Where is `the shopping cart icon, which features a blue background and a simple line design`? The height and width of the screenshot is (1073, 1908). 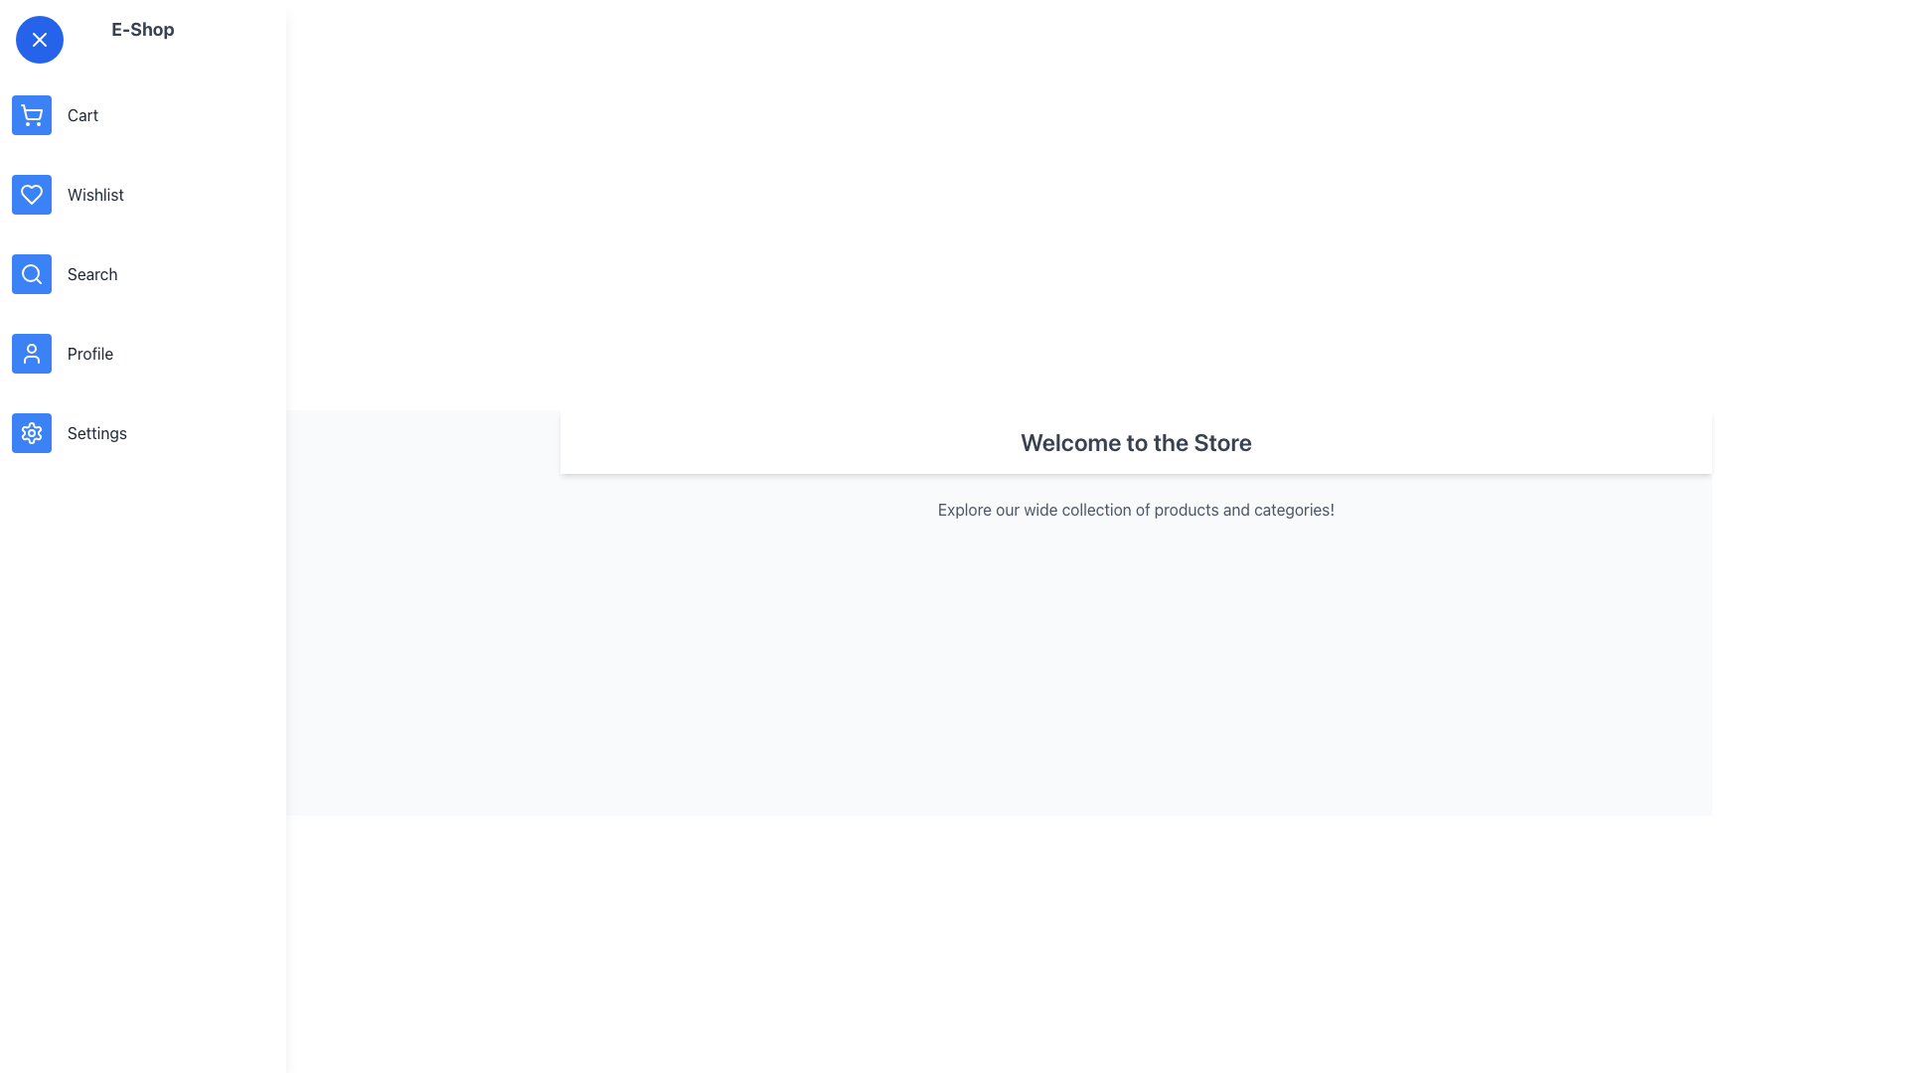
the shopping cart icon, which features a blue background and a simple line design is located at coordinates (32, 114).